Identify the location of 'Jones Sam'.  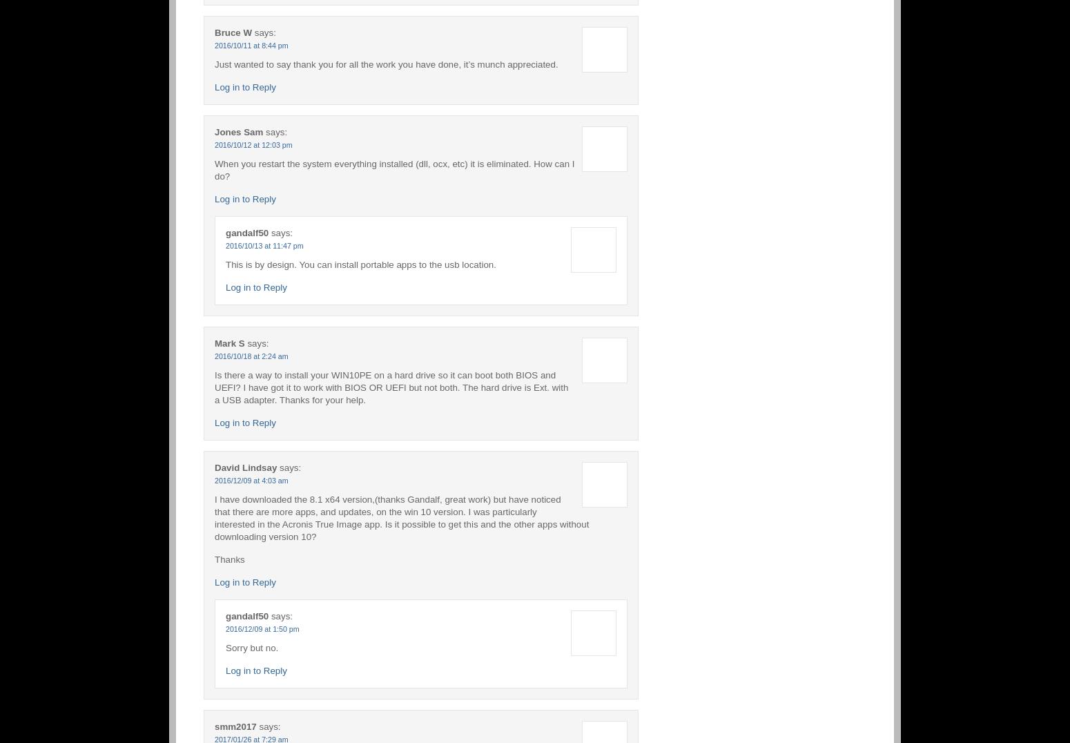
(237, 131).